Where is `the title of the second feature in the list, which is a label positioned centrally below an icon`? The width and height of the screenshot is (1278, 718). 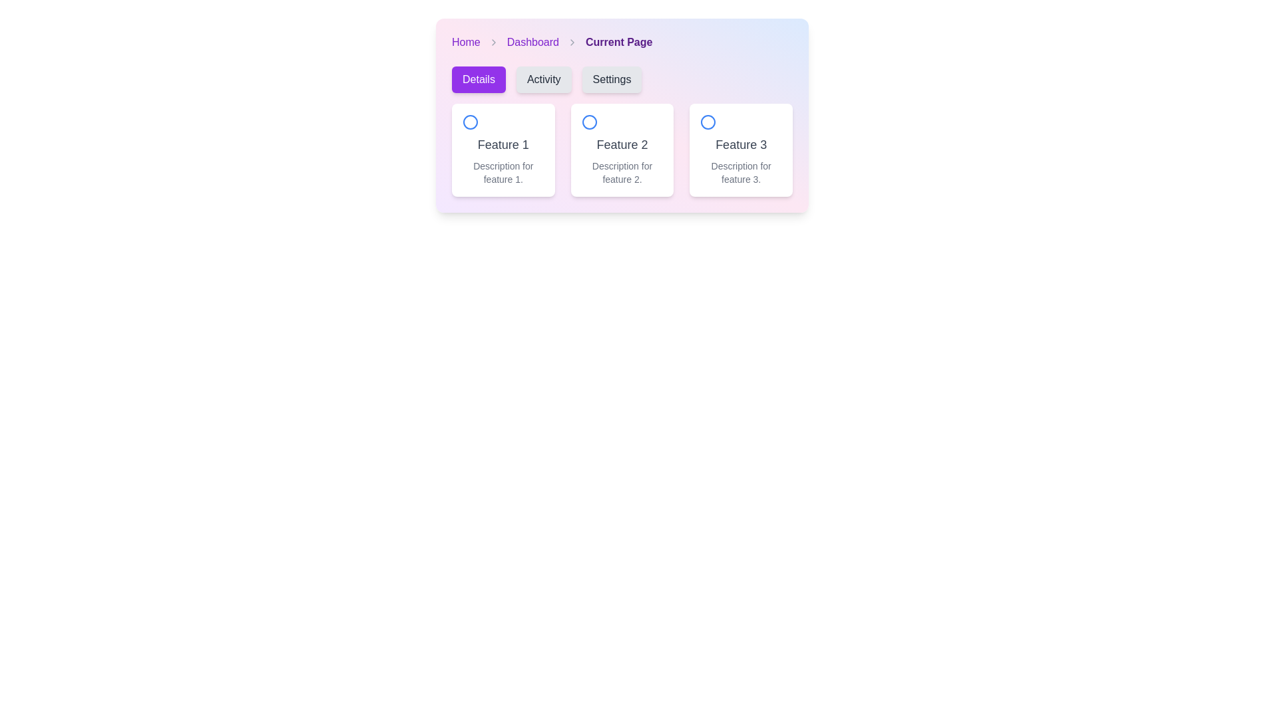
the title of the second feature in the list, which is a label positioned centrally below an icon is located at coordinates (622, 145).